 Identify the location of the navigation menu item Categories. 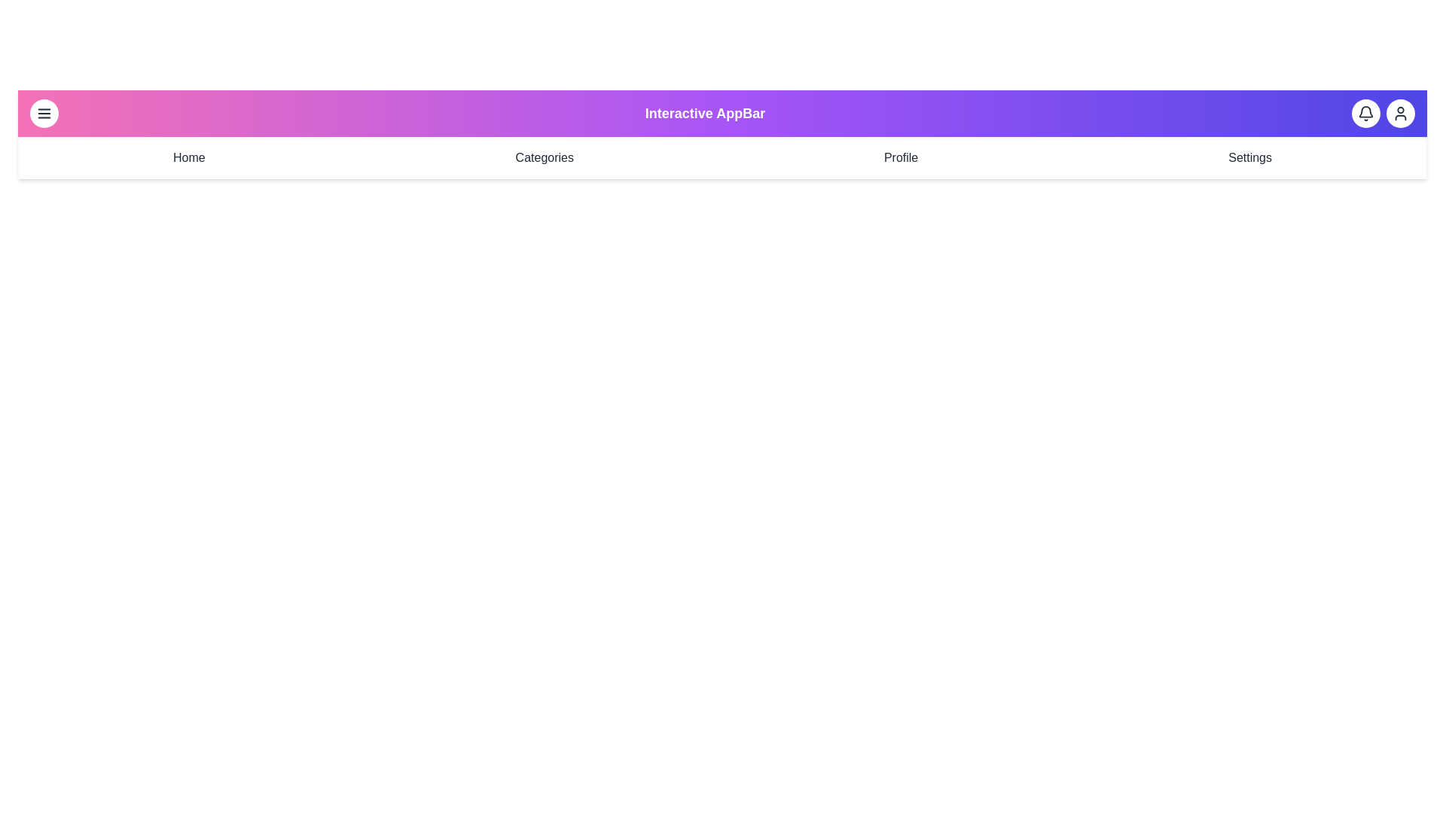
(544, 157).